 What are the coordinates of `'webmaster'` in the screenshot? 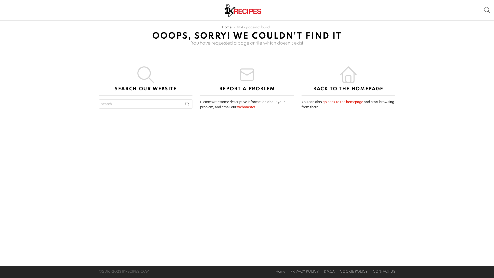 It's located at (246, 107).